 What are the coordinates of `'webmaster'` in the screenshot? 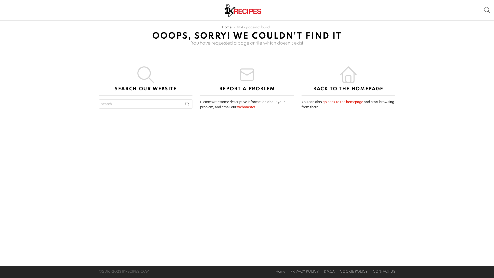 It's located at (246, 107).